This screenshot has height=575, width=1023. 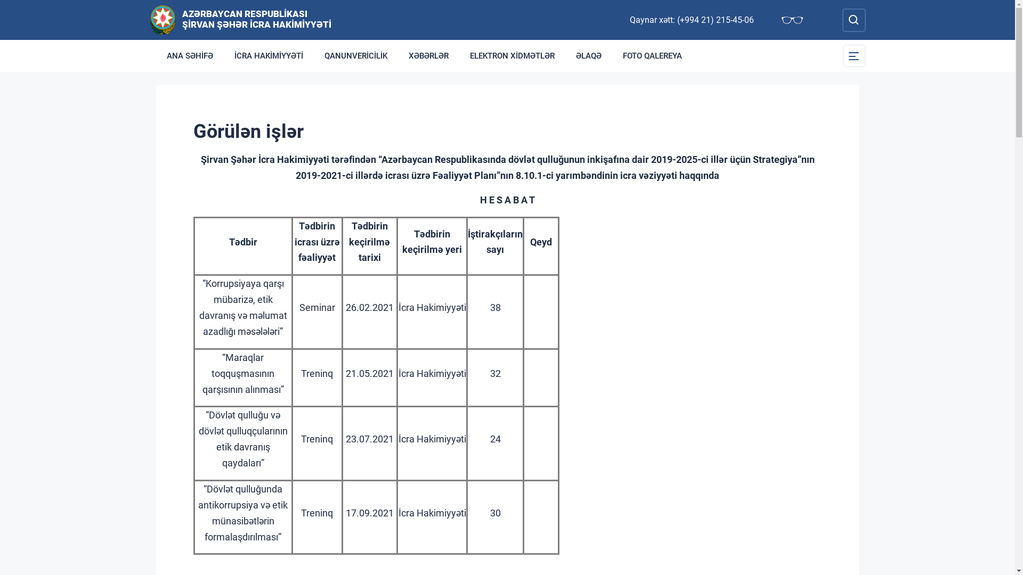 I want to click on 'QANUNVERICILIK', so click(x=355, y=55).